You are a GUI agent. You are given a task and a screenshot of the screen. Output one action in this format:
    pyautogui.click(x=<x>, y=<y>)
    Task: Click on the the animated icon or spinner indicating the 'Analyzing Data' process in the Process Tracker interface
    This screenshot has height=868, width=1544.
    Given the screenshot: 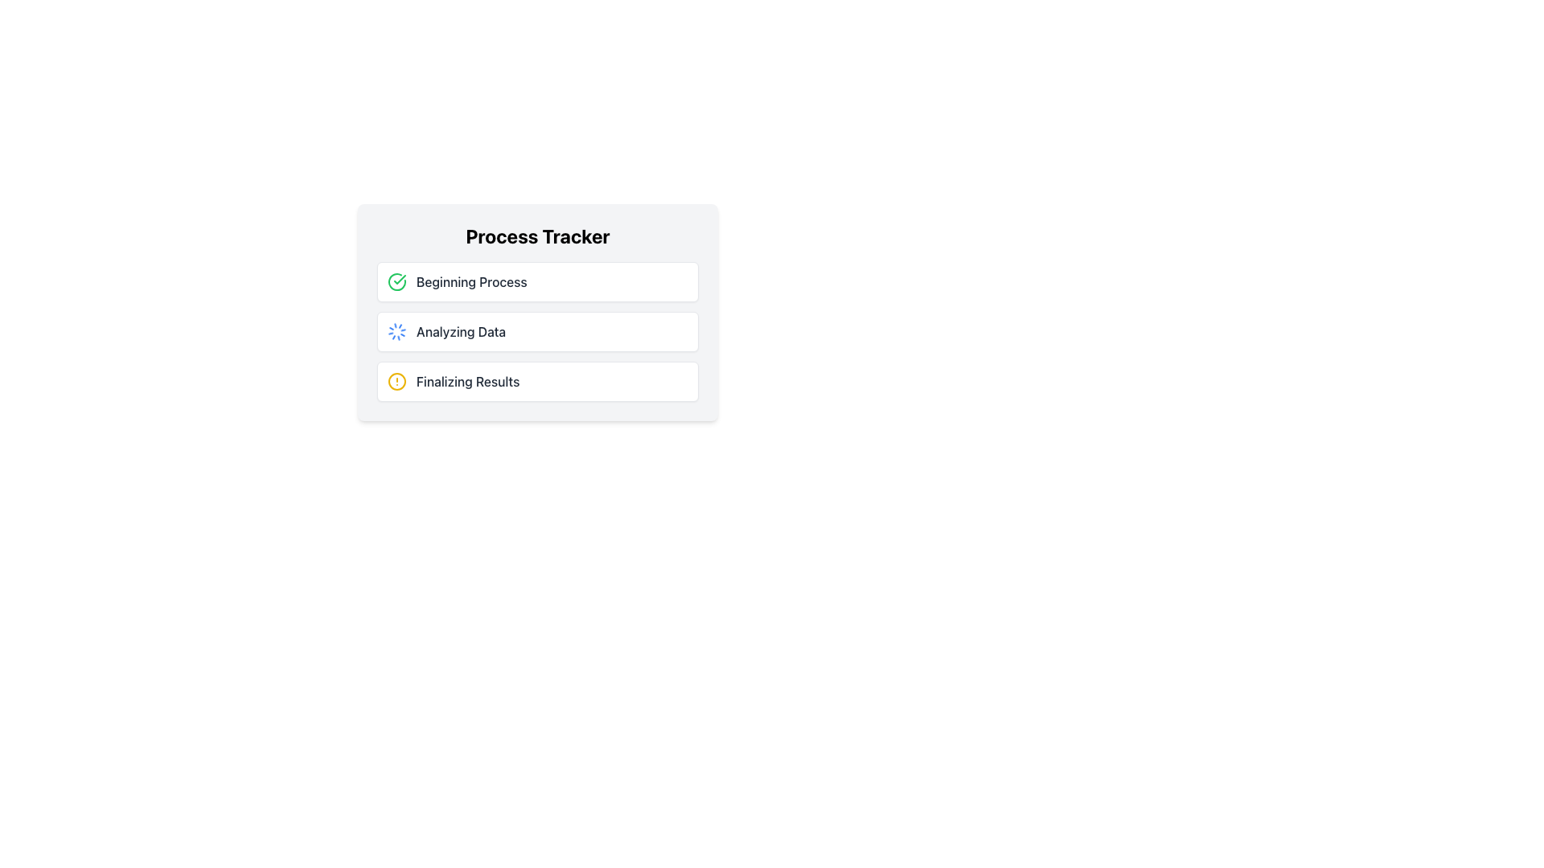 What is the action you would take?
    pyautogui.click(x=397, y=330)
    